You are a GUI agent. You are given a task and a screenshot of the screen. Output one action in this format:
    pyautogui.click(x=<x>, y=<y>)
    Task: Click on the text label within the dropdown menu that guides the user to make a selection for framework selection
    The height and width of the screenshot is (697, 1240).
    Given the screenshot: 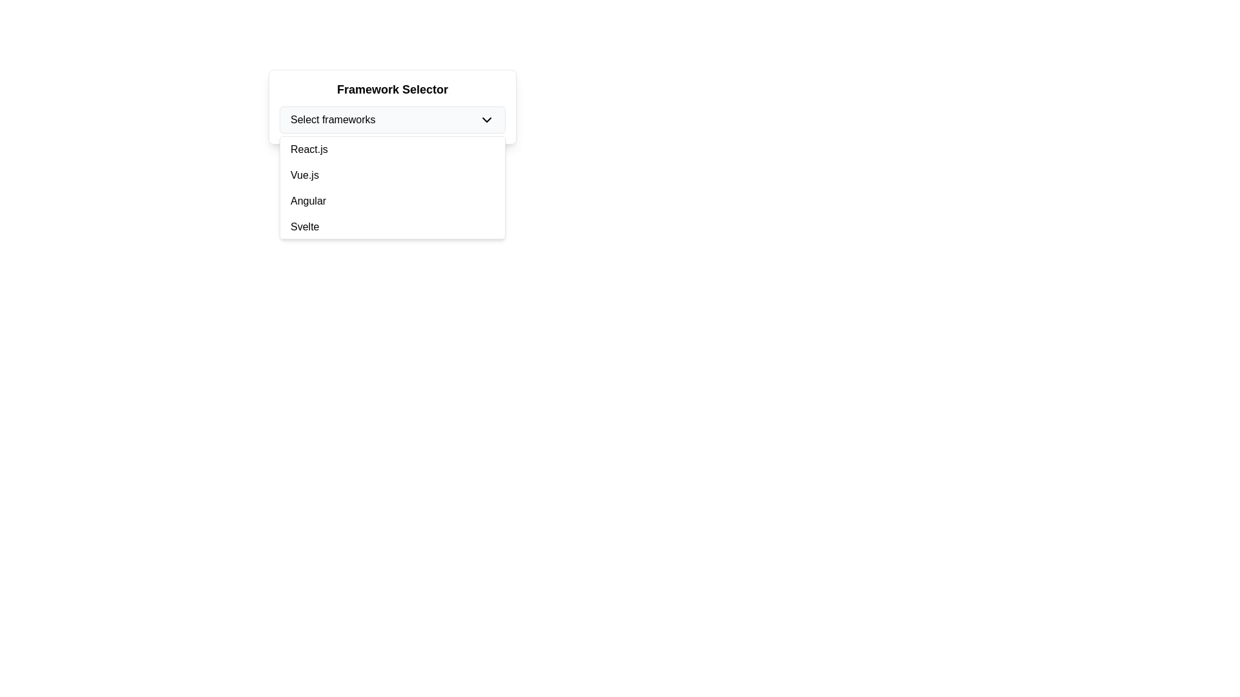 What is the action you would take?
    pyautogui.click(x=333, y=119)
    